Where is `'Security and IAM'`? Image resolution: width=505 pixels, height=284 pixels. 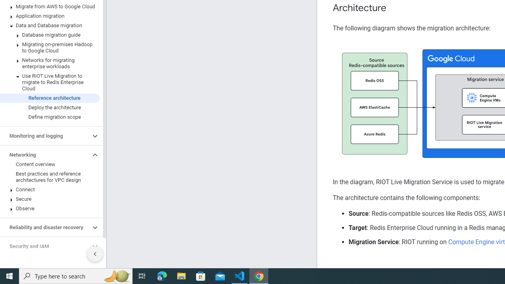 'Security and IAM' is located at coordinates (45, 246).